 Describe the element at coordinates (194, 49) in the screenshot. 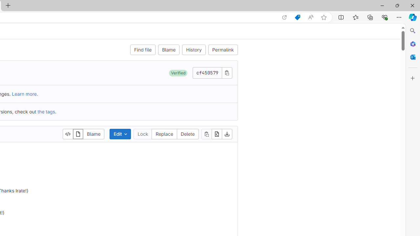

I see `'History'` at that location.